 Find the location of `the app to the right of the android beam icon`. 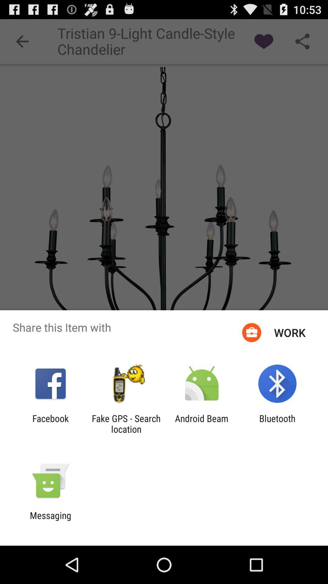

the app to the right of the android beam icon is located at coordinates (277, 423).